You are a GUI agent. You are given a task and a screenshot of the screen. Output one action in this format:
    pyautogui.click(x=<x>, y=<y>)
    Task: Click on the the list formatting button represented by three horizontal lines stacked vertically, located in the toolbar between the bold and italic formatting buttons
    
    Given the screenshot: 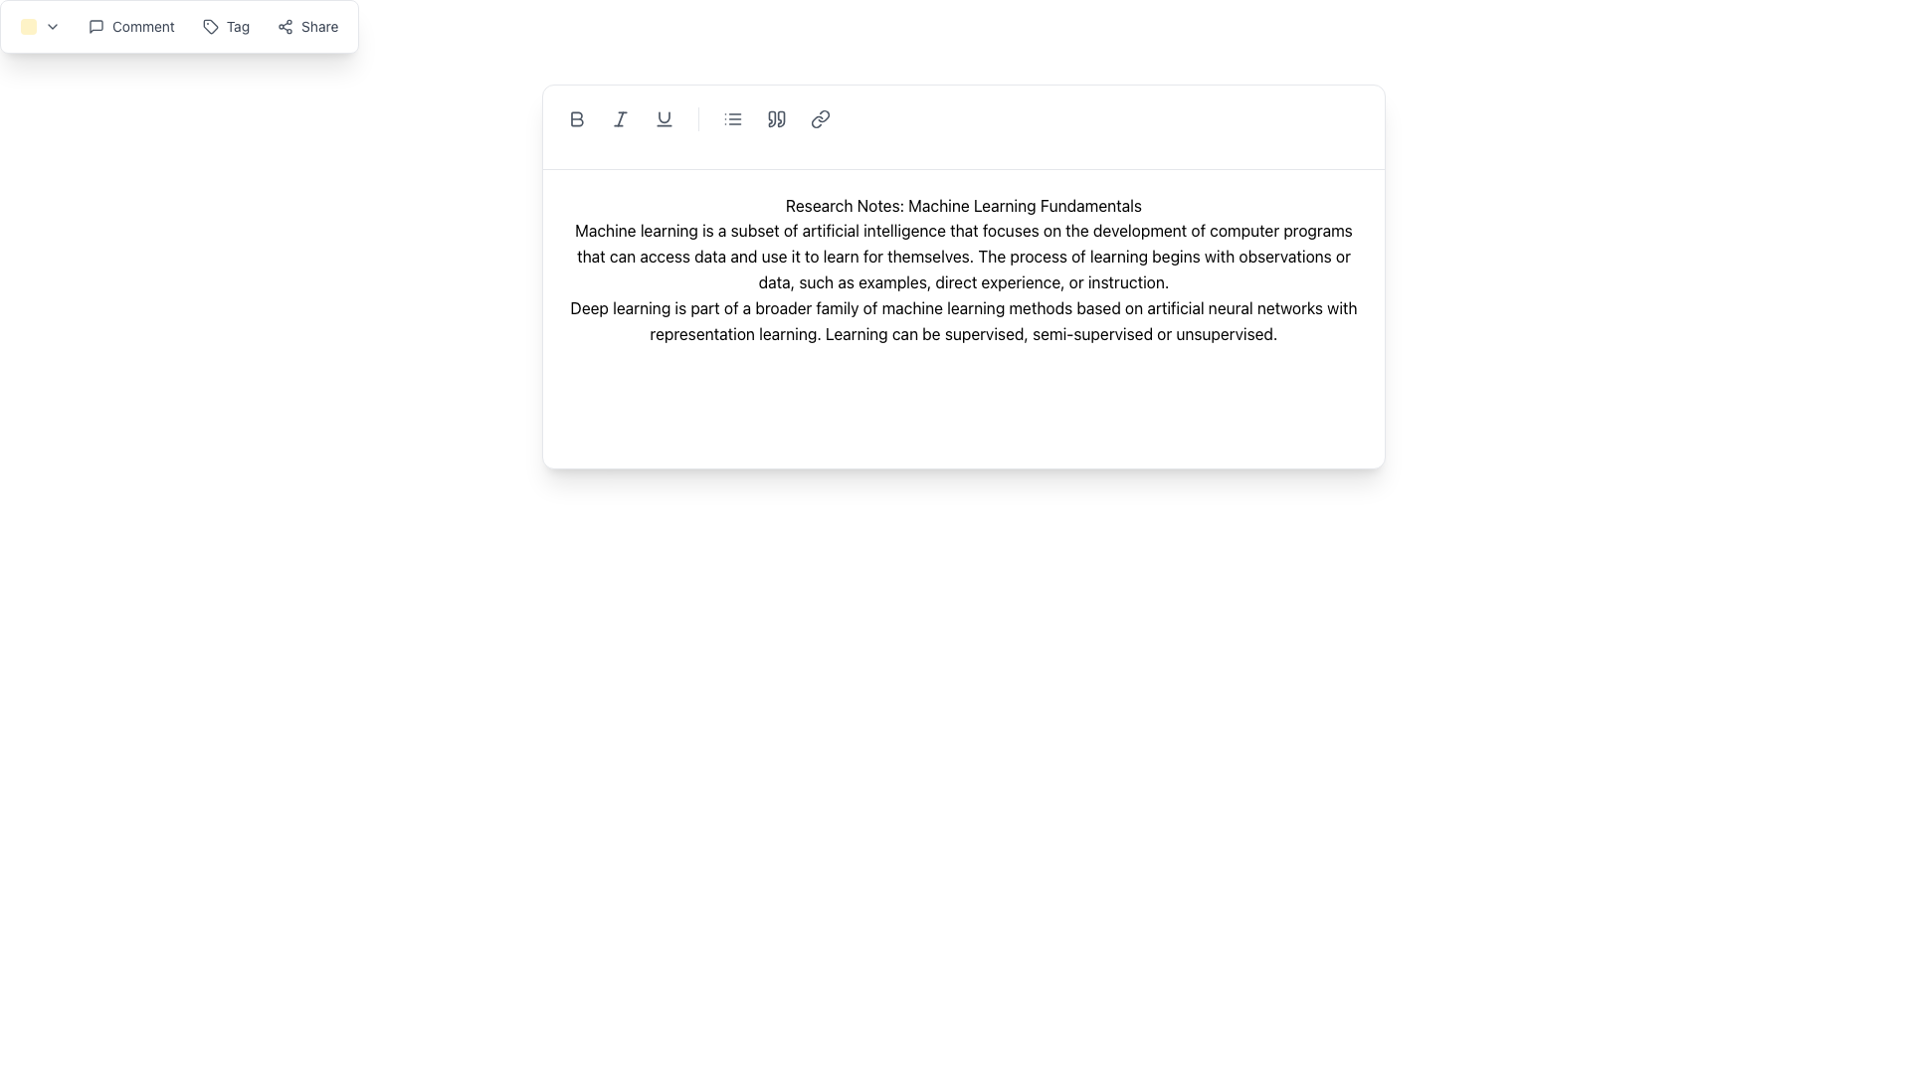 What is the action you would take?
    pyautogui.click(x=732, y=118)
    